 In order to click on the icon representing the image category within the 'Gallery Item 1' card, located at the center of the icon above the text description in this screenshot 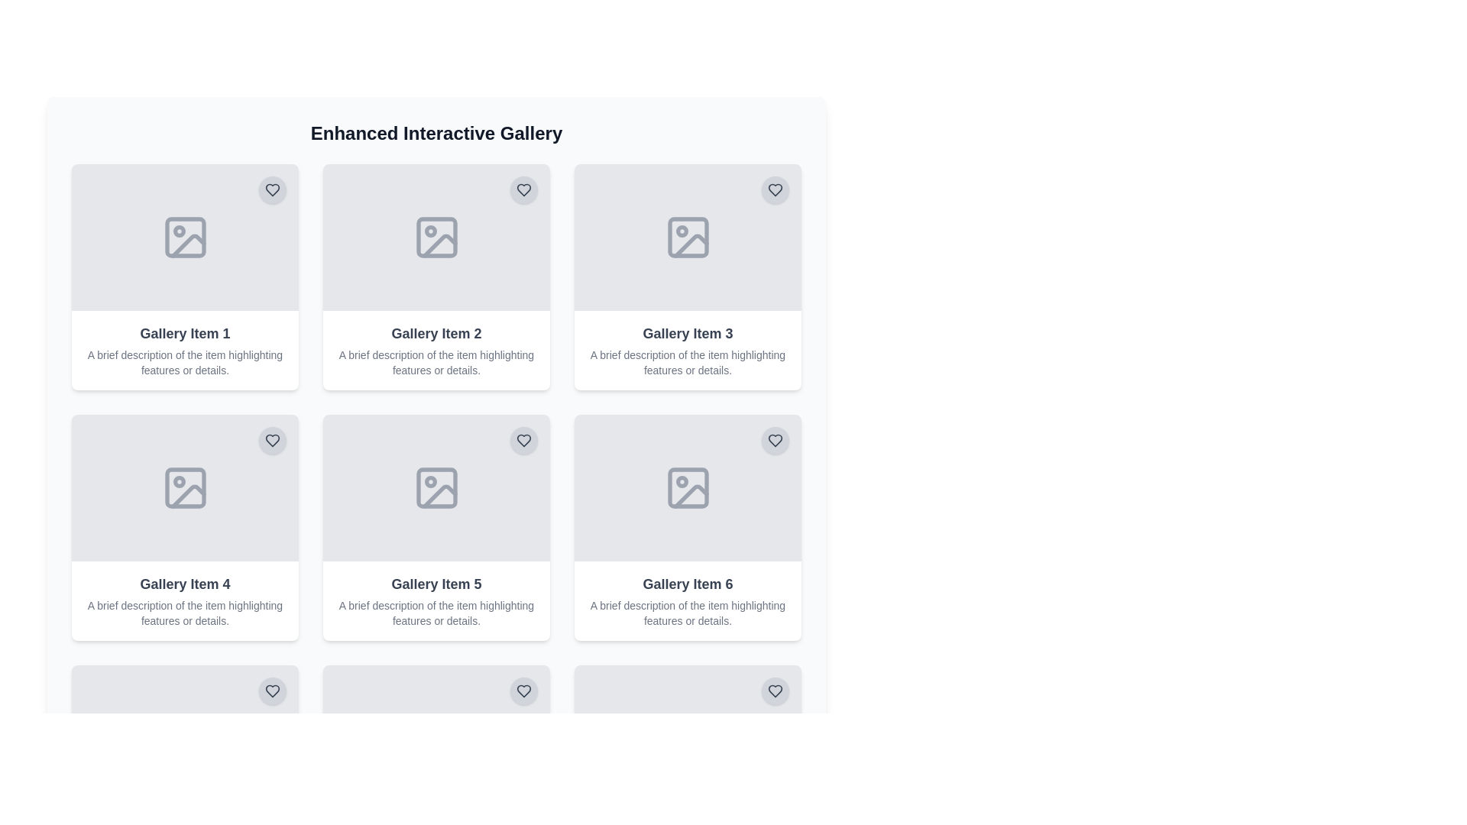, I will do `click(187, 245)`.